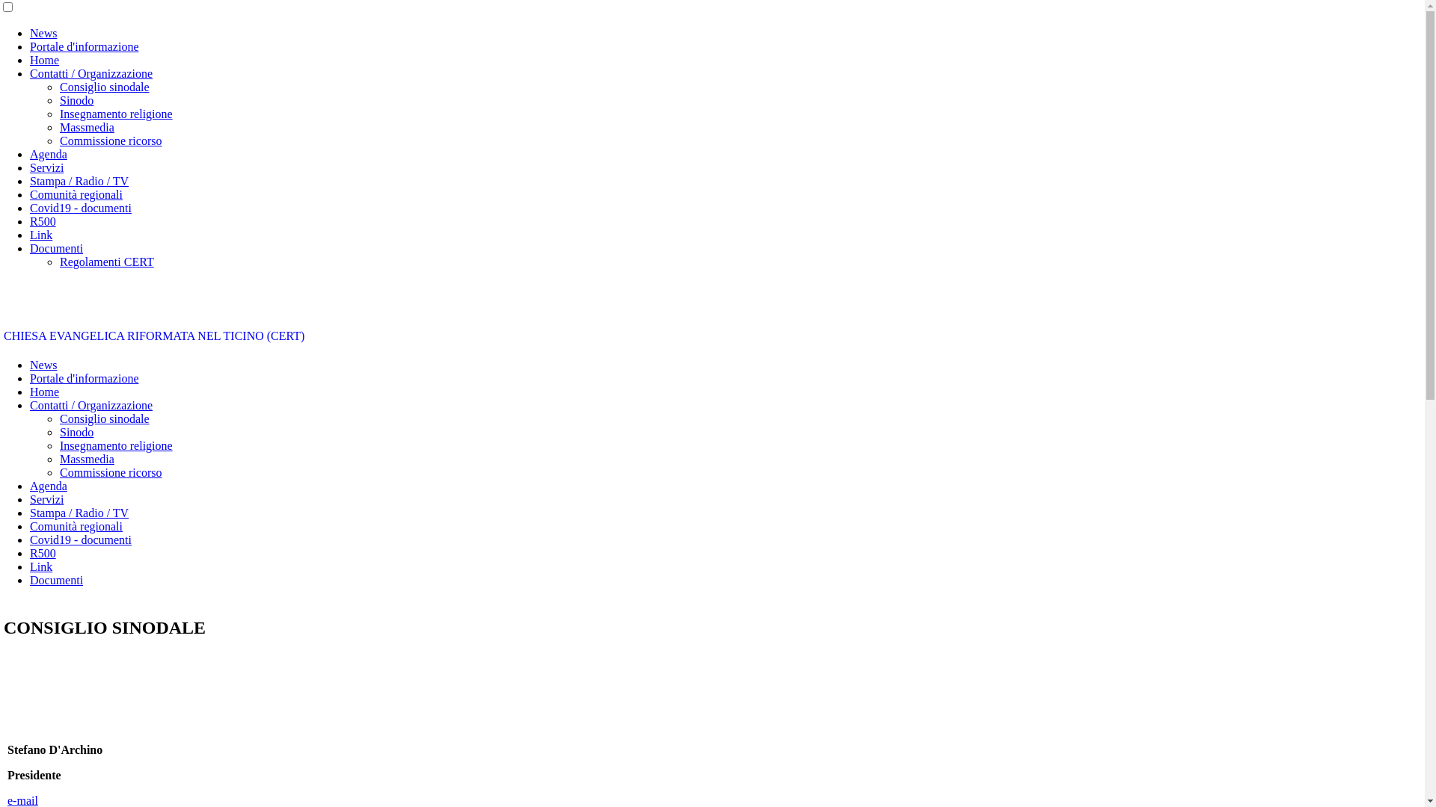 The width and height of the screenshot is (1436, 807). Describe the element at coordinates (110, 472) in the screenshot. I see `'Commissione ricorso'` at that location.